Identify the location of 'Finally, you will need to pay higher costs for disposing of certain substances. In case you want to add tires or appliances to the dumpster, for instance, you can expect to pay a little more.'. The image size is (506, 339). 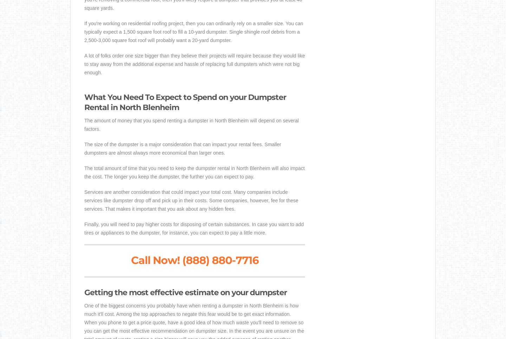
(84, 228).